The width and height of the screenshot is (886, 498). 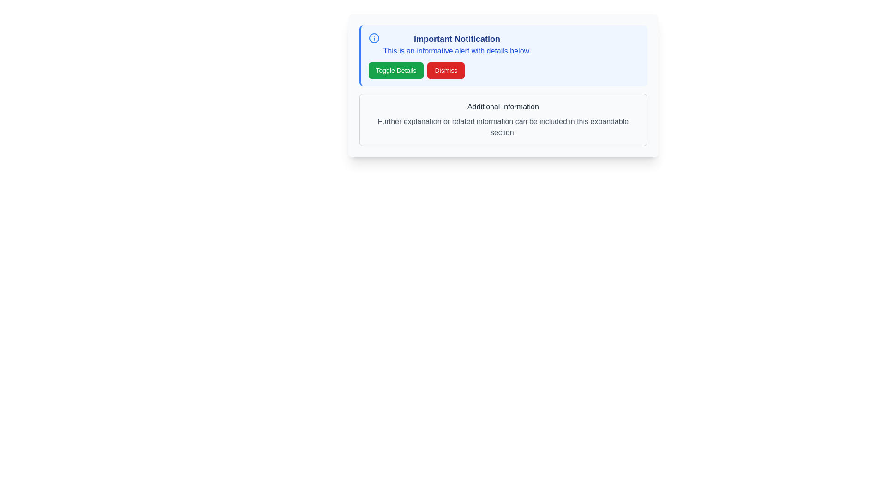 I want to click on the 'Important Notification' text label, which is styled in bold and blue, serving as a prominent title within the notification section, so click(x=457, y=38).